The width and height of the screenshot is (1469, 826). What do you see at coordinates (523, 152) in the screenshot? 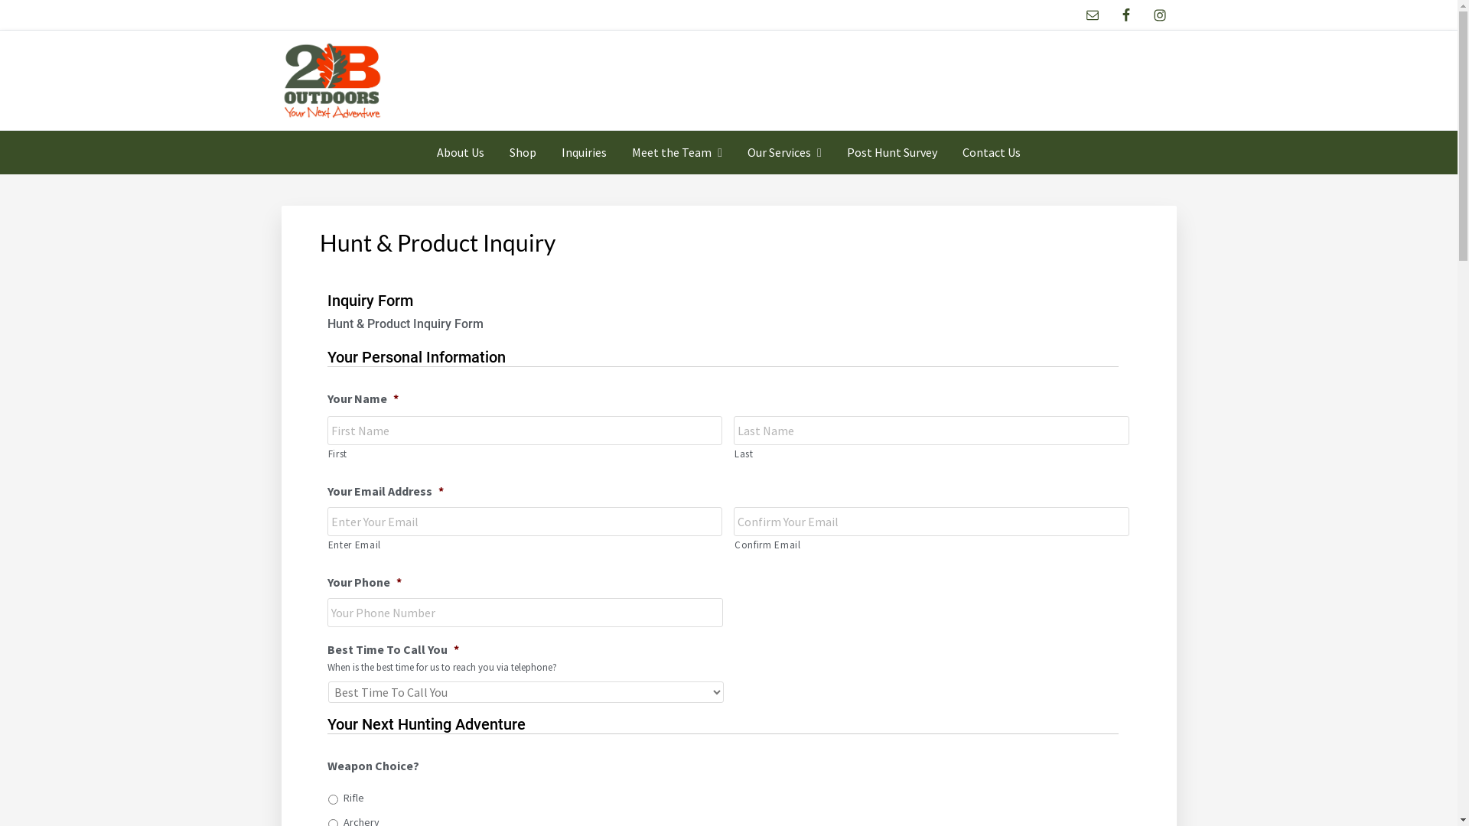
I see `'Shop'` at bounding box center [523, 152].